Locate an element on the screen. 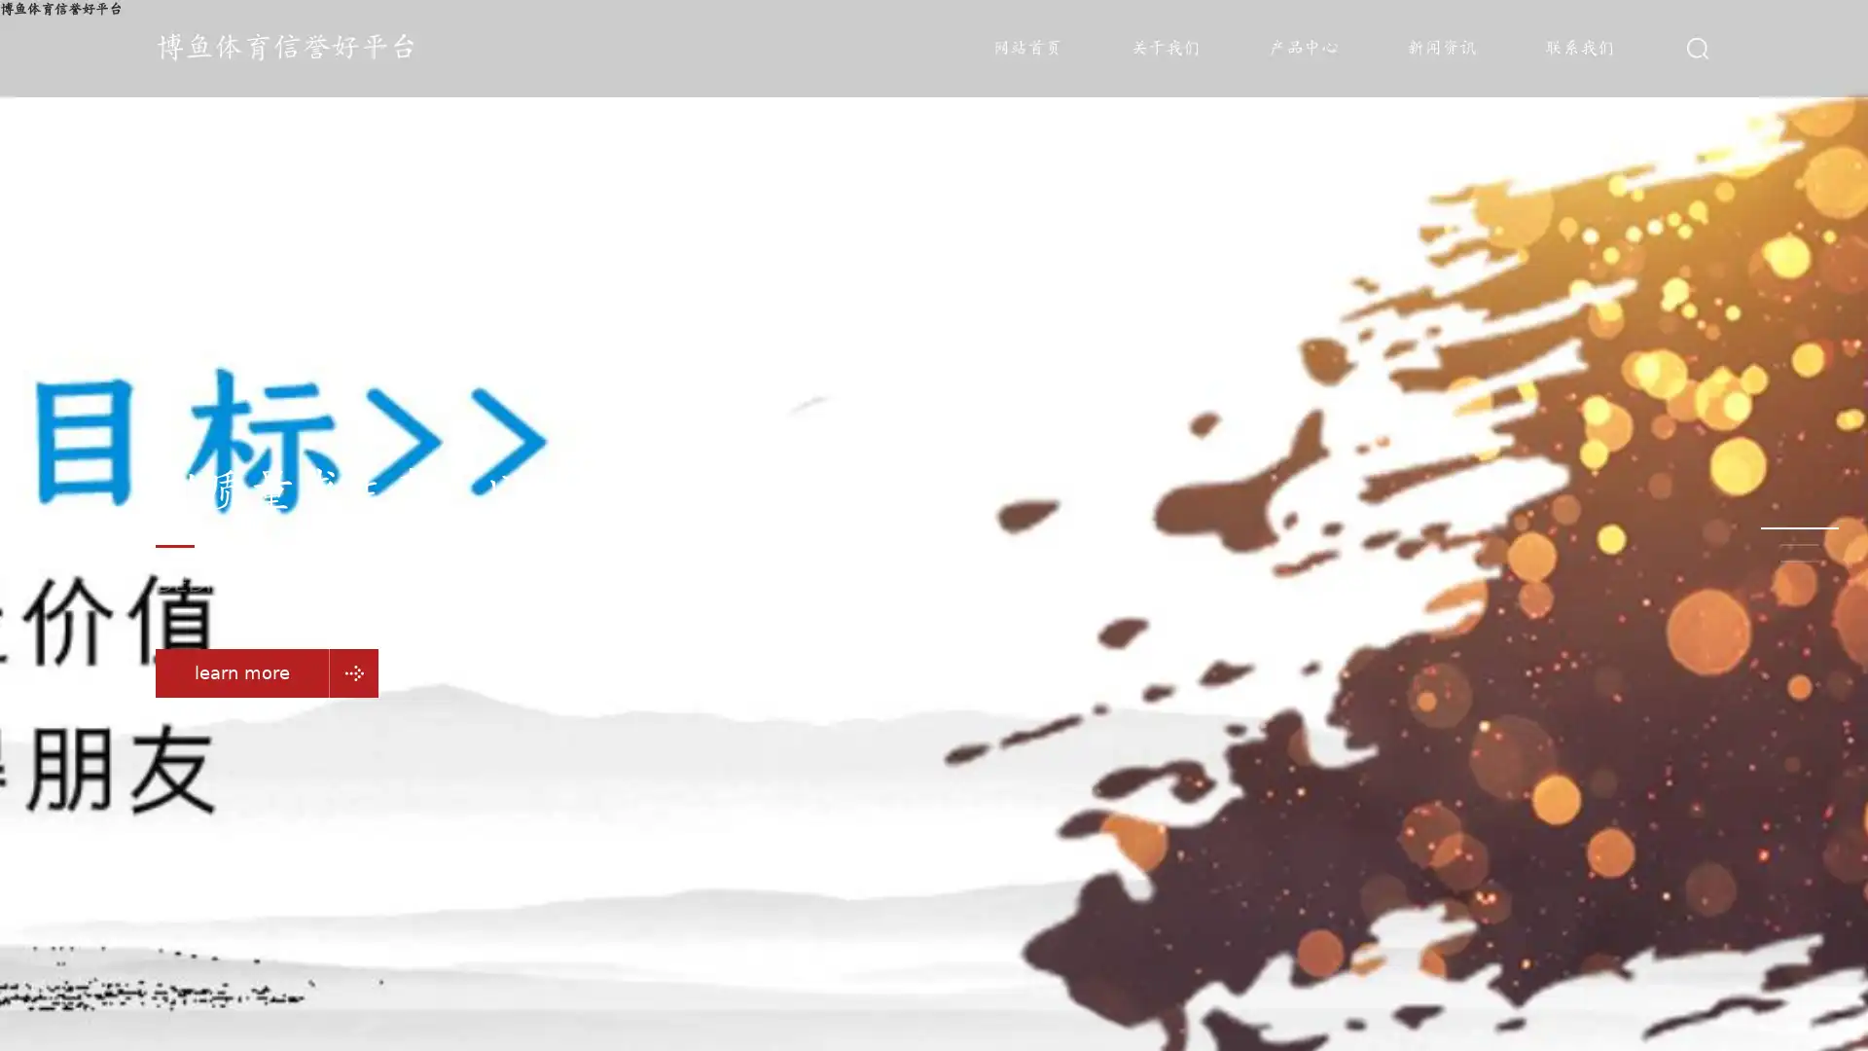 The width and height of the screenshot is (1868, 1051). Go to slide 2 is located at coordinates (1798, 544).